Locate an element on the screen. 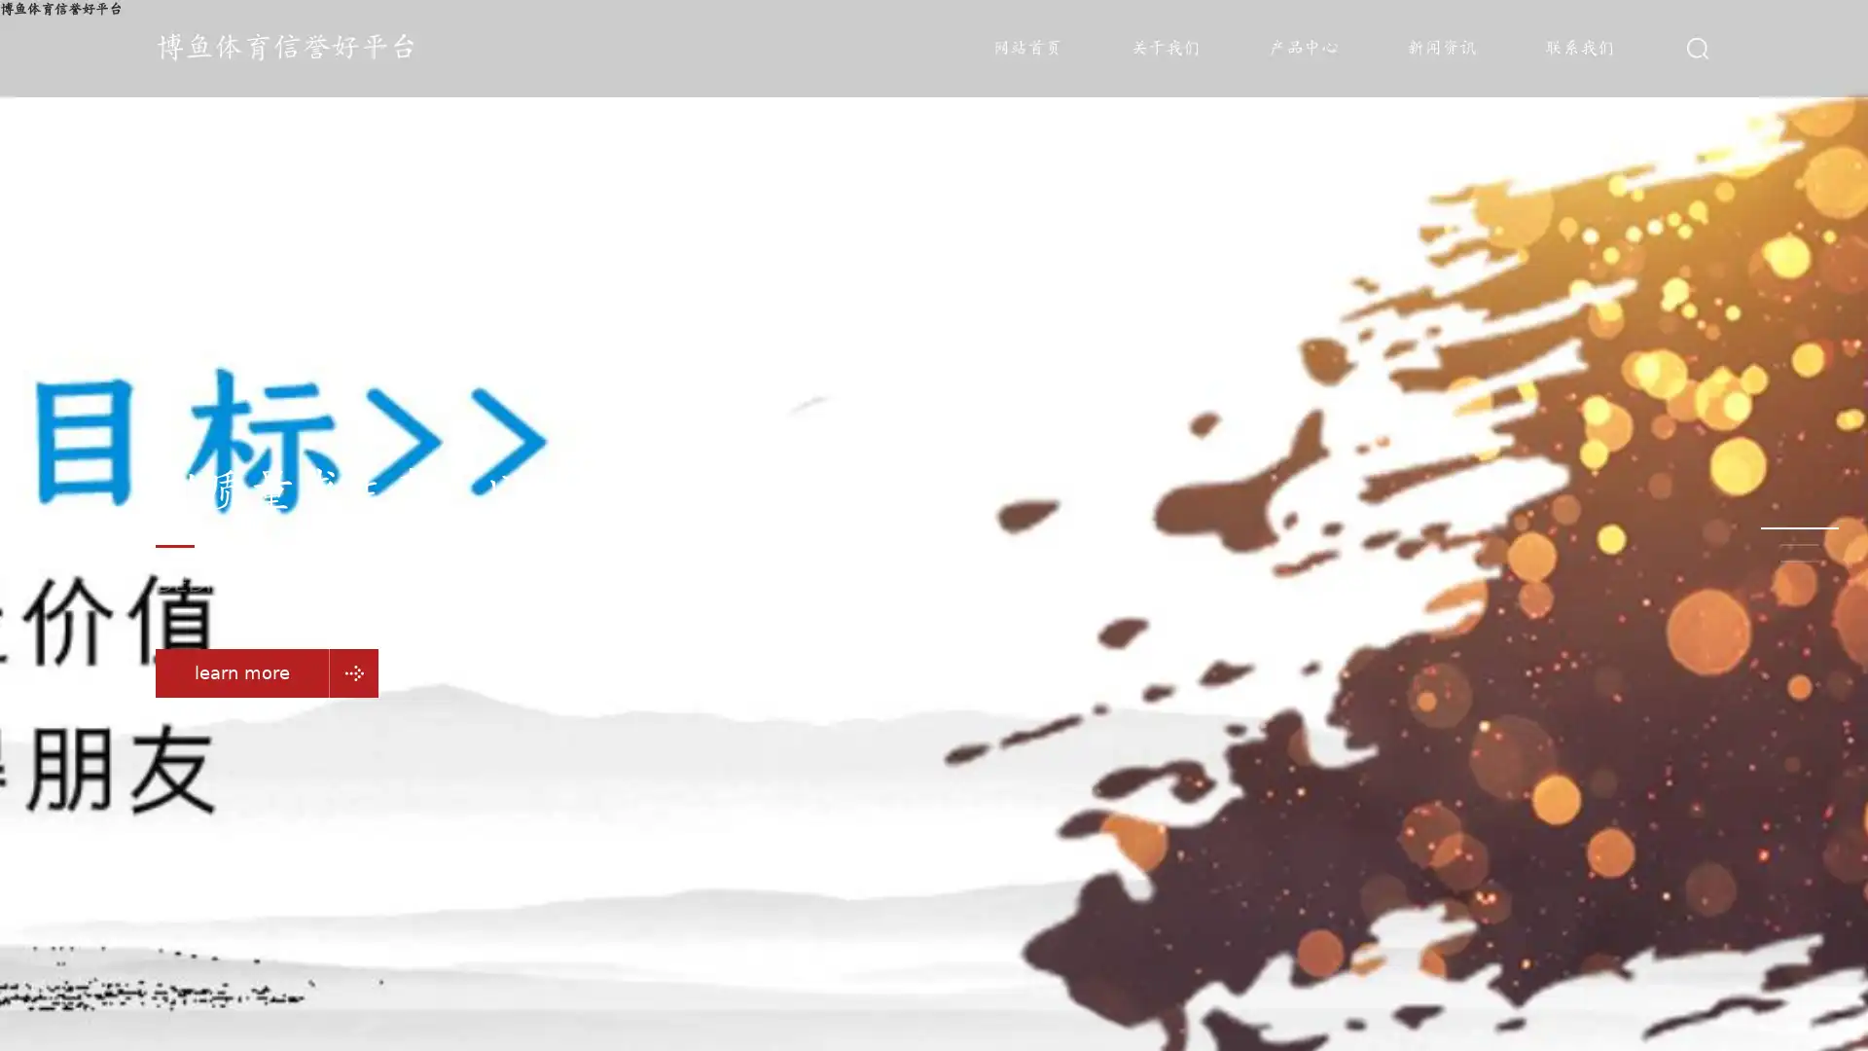 The width and height of the screenshot is (1868, 1051). Go to slide 2 is located at coordinates (1798, 544).